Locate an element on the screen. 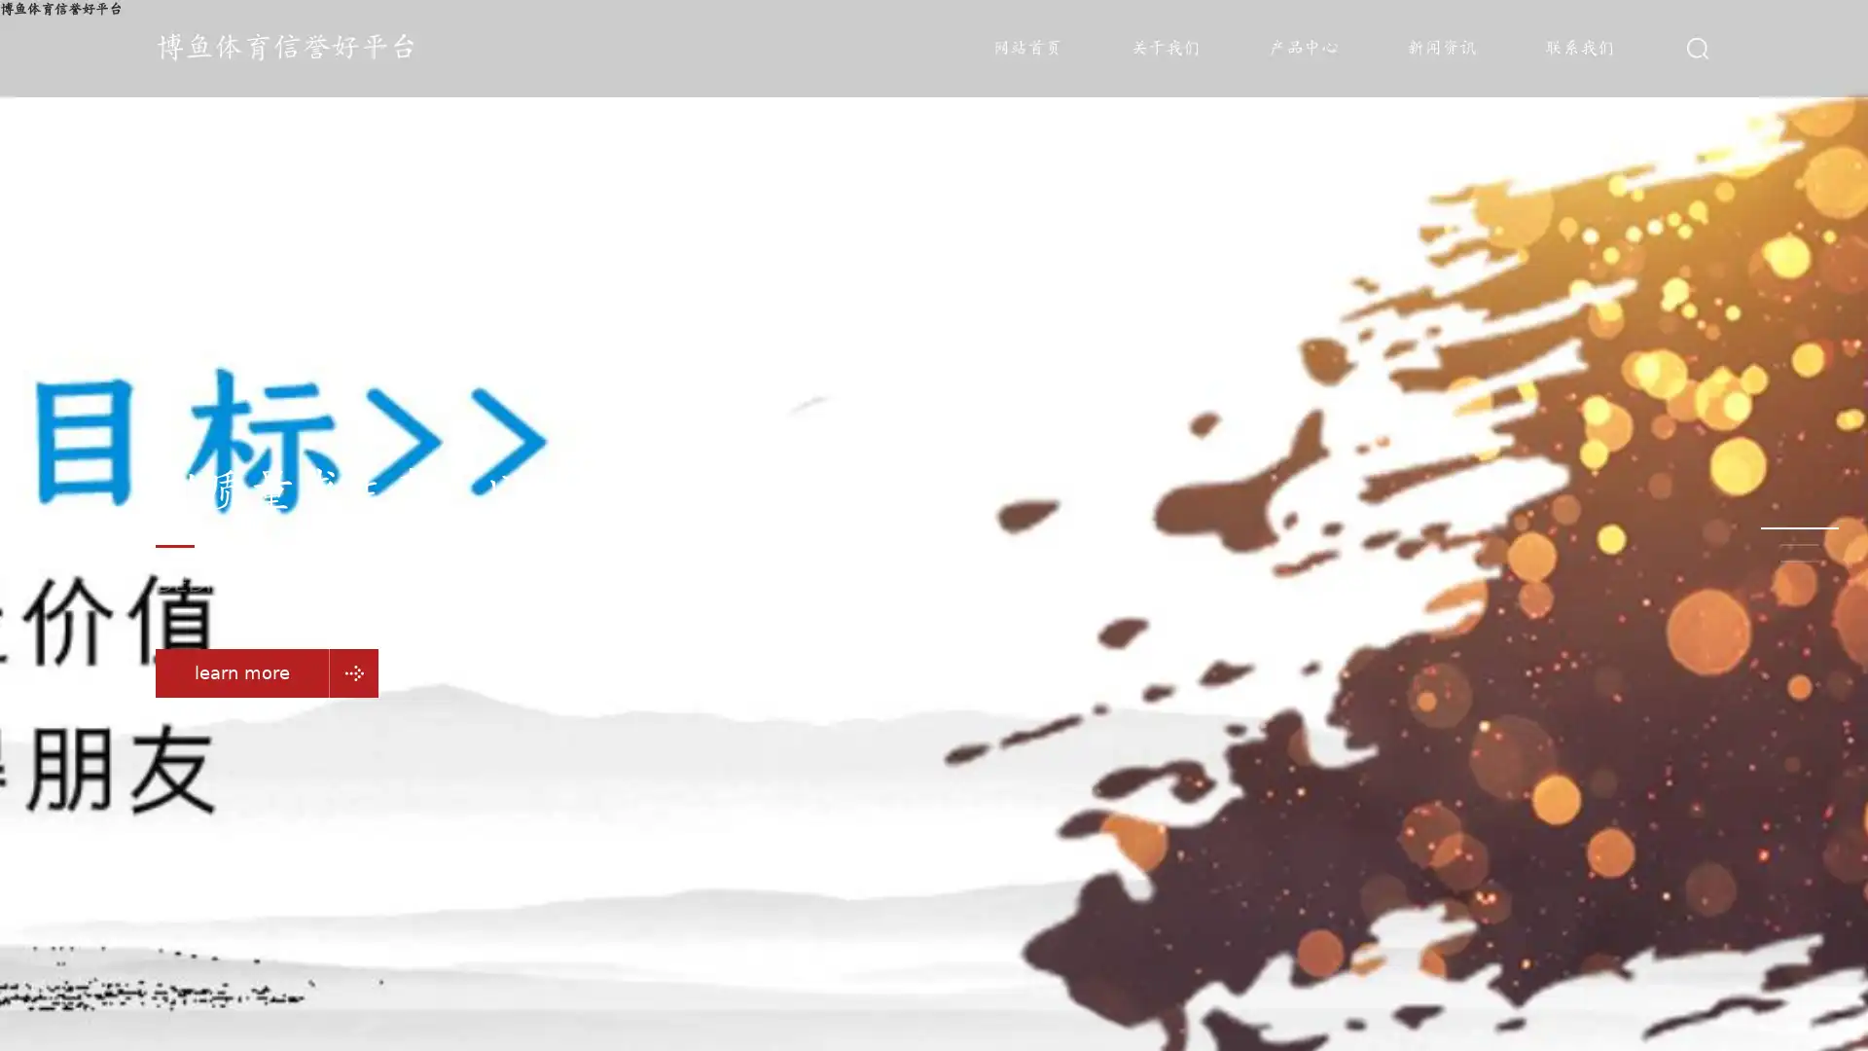 The width and height of the screenshot is (1868, 1051). Go to slide 2 is located at coordinates (1798, 544).